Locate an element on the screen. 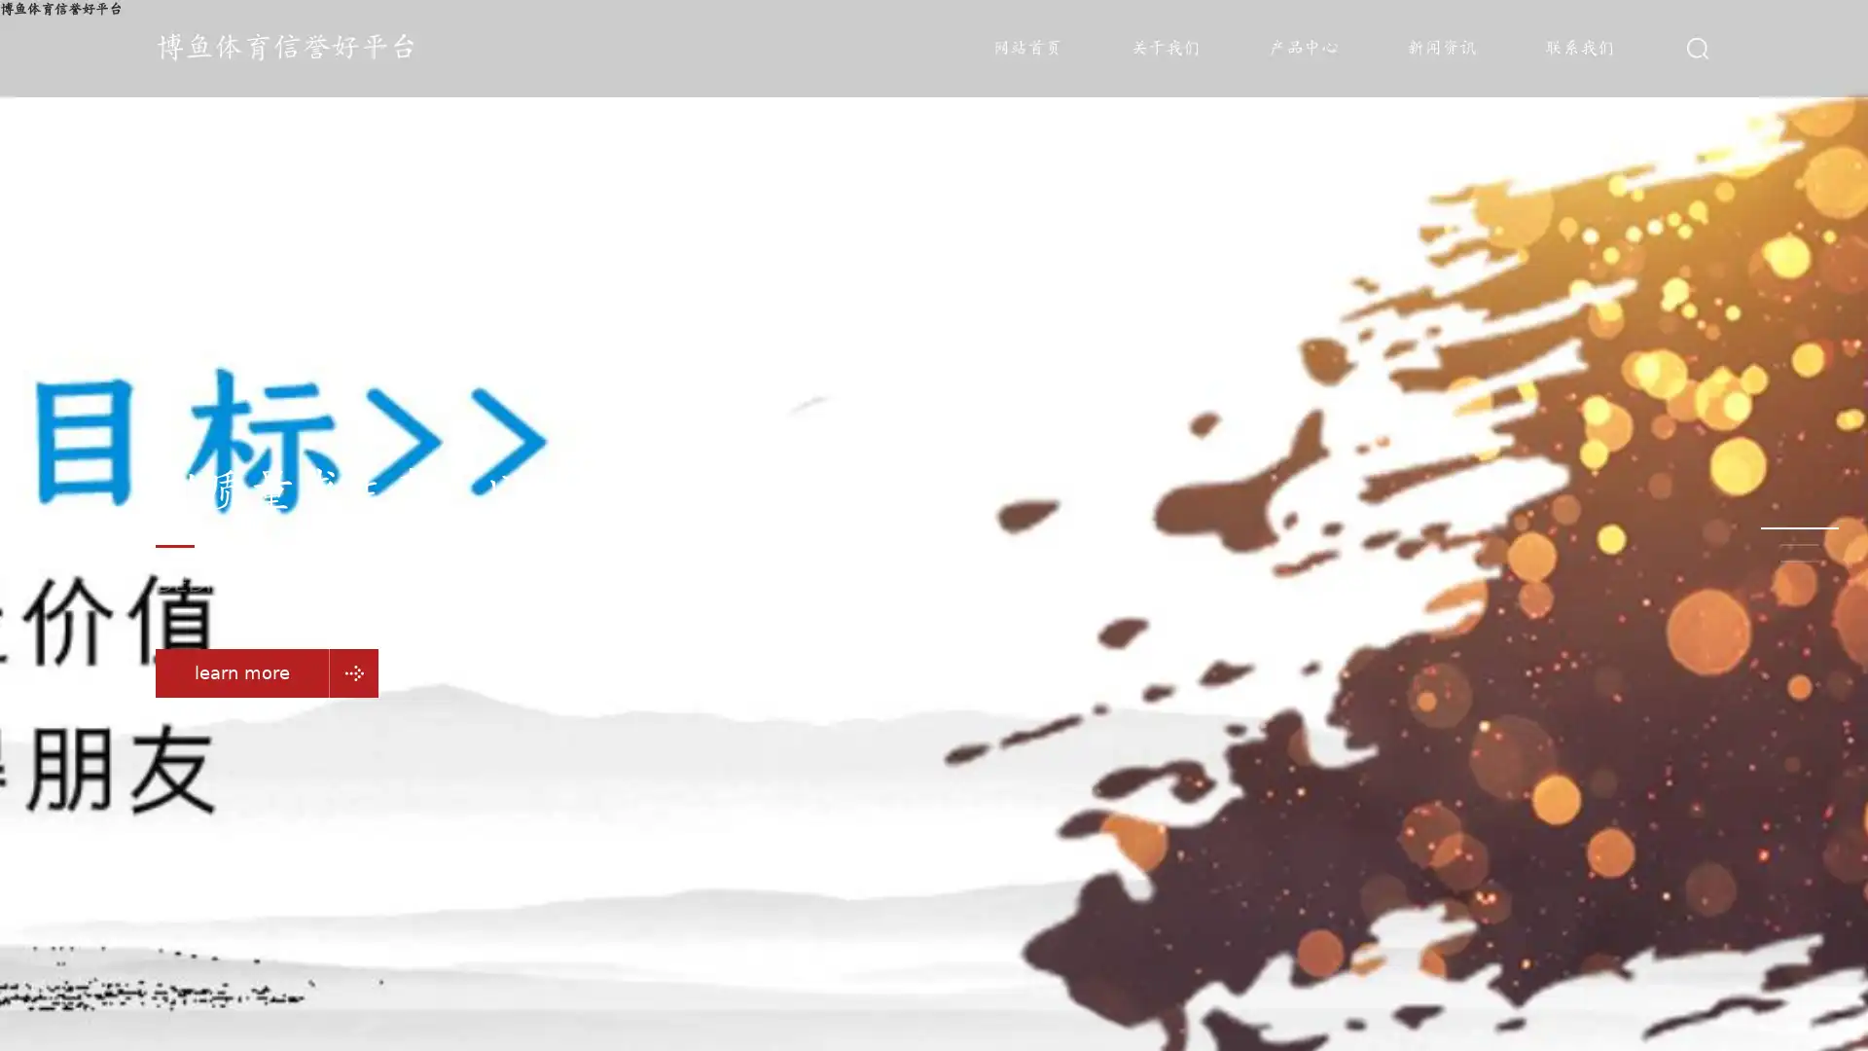 The width and height of the screenshot is (1868, 1051). Go to slide 2 is located at coordinates (1798, 544).